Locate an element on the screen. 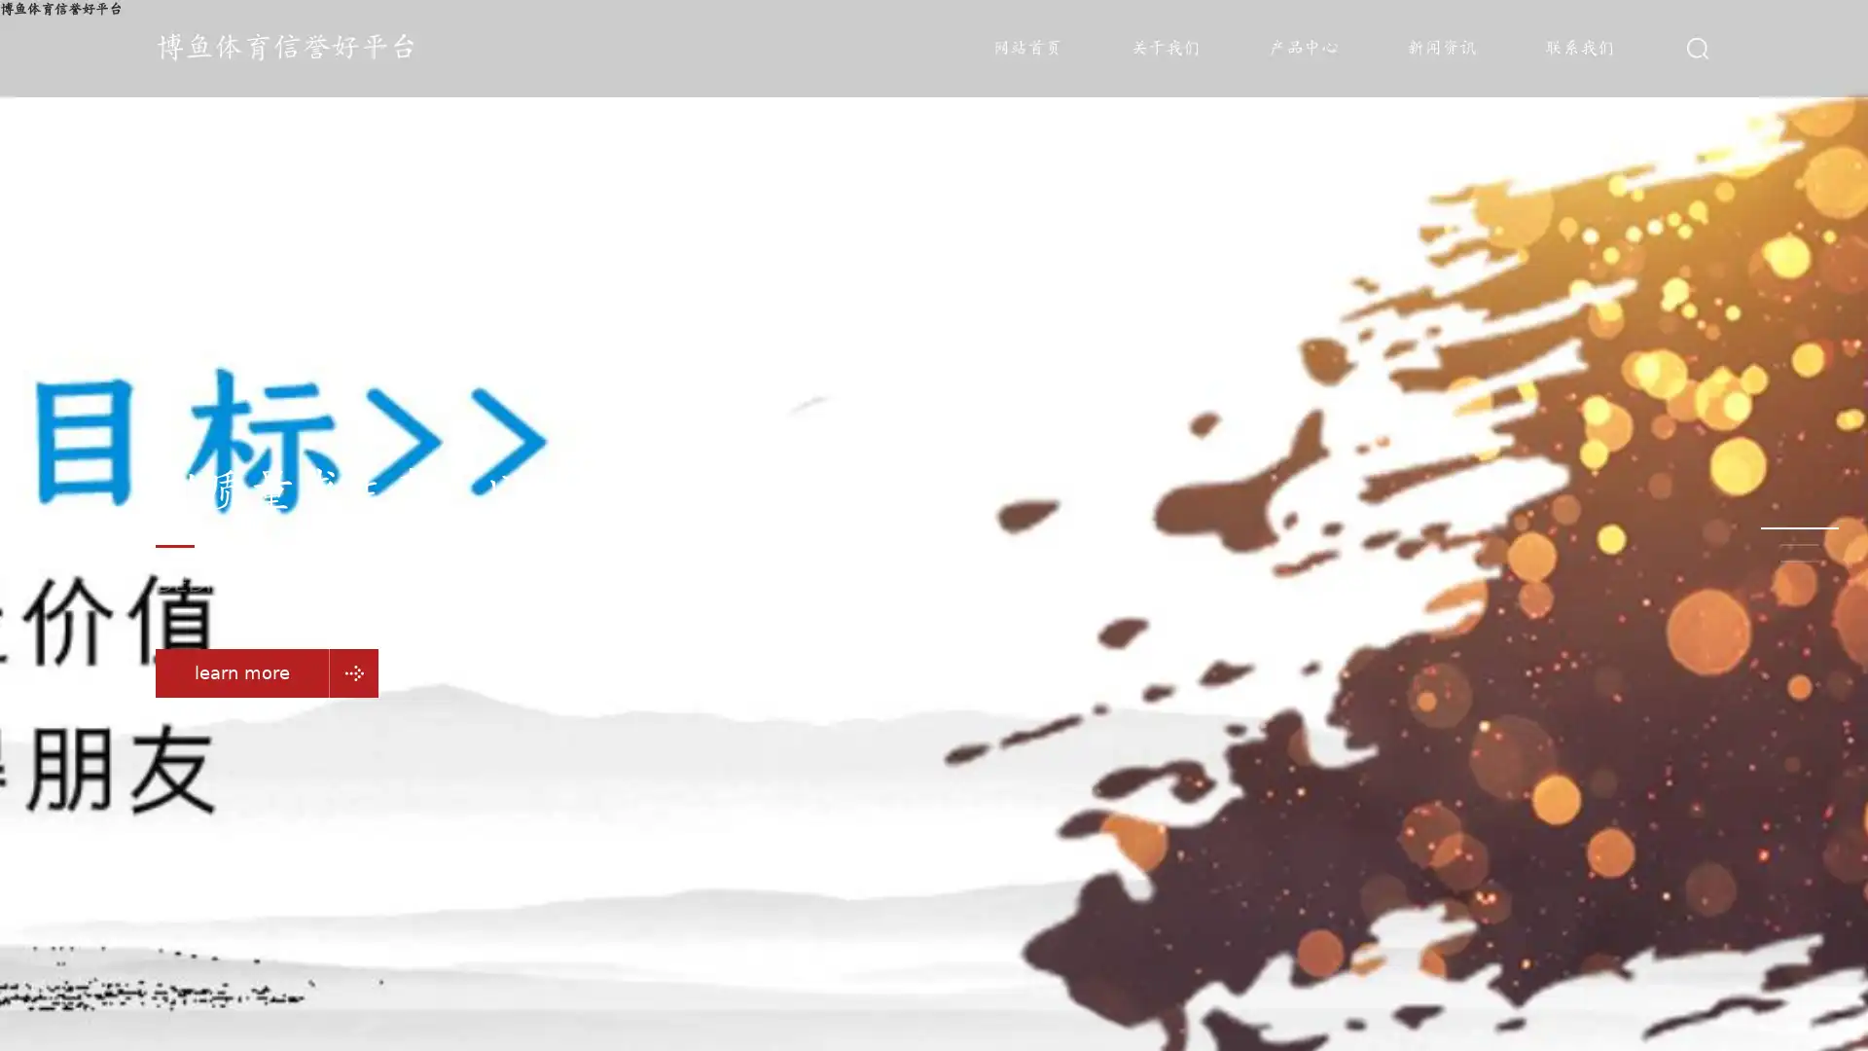 The width and height of the screenshot is (1868, 1051). Go to slide 2 is located at coordinates (1798, 544).